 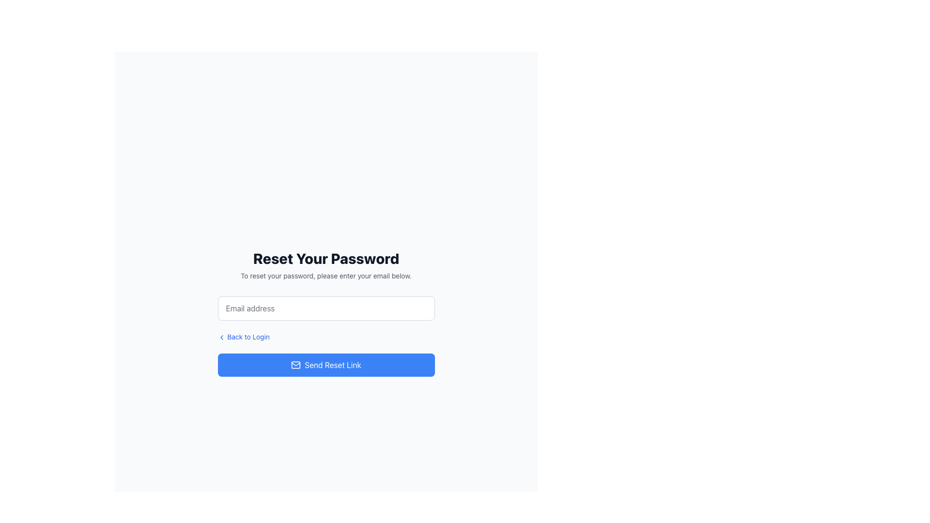 What do you see at coordinates (295, 365) in the screenshot?
I see `the mail-shaped icon located inside the blue 'Send Reset Link' button, which is positioned towards the left side of the button, preceding the text label` at bounding box center [295, 365].